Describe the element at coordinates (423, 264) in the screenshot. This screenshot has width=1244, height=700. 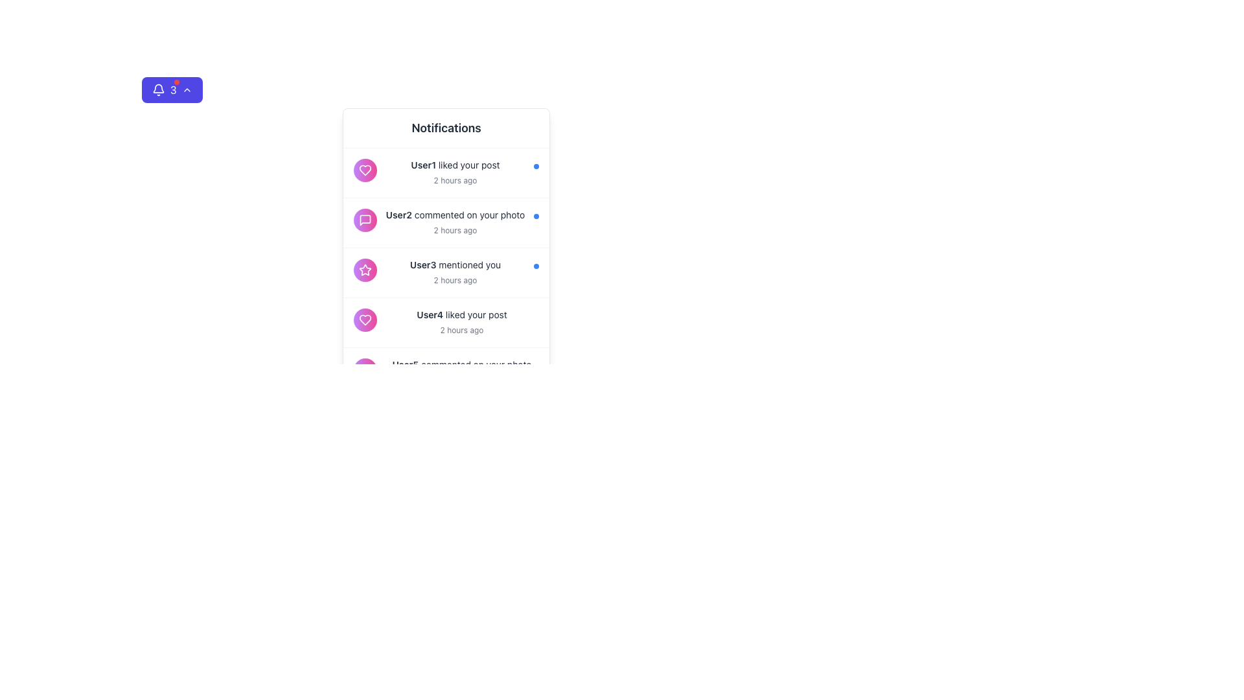
I see `the text label emphasizing the username 'User3' in the notification panel` at that location.